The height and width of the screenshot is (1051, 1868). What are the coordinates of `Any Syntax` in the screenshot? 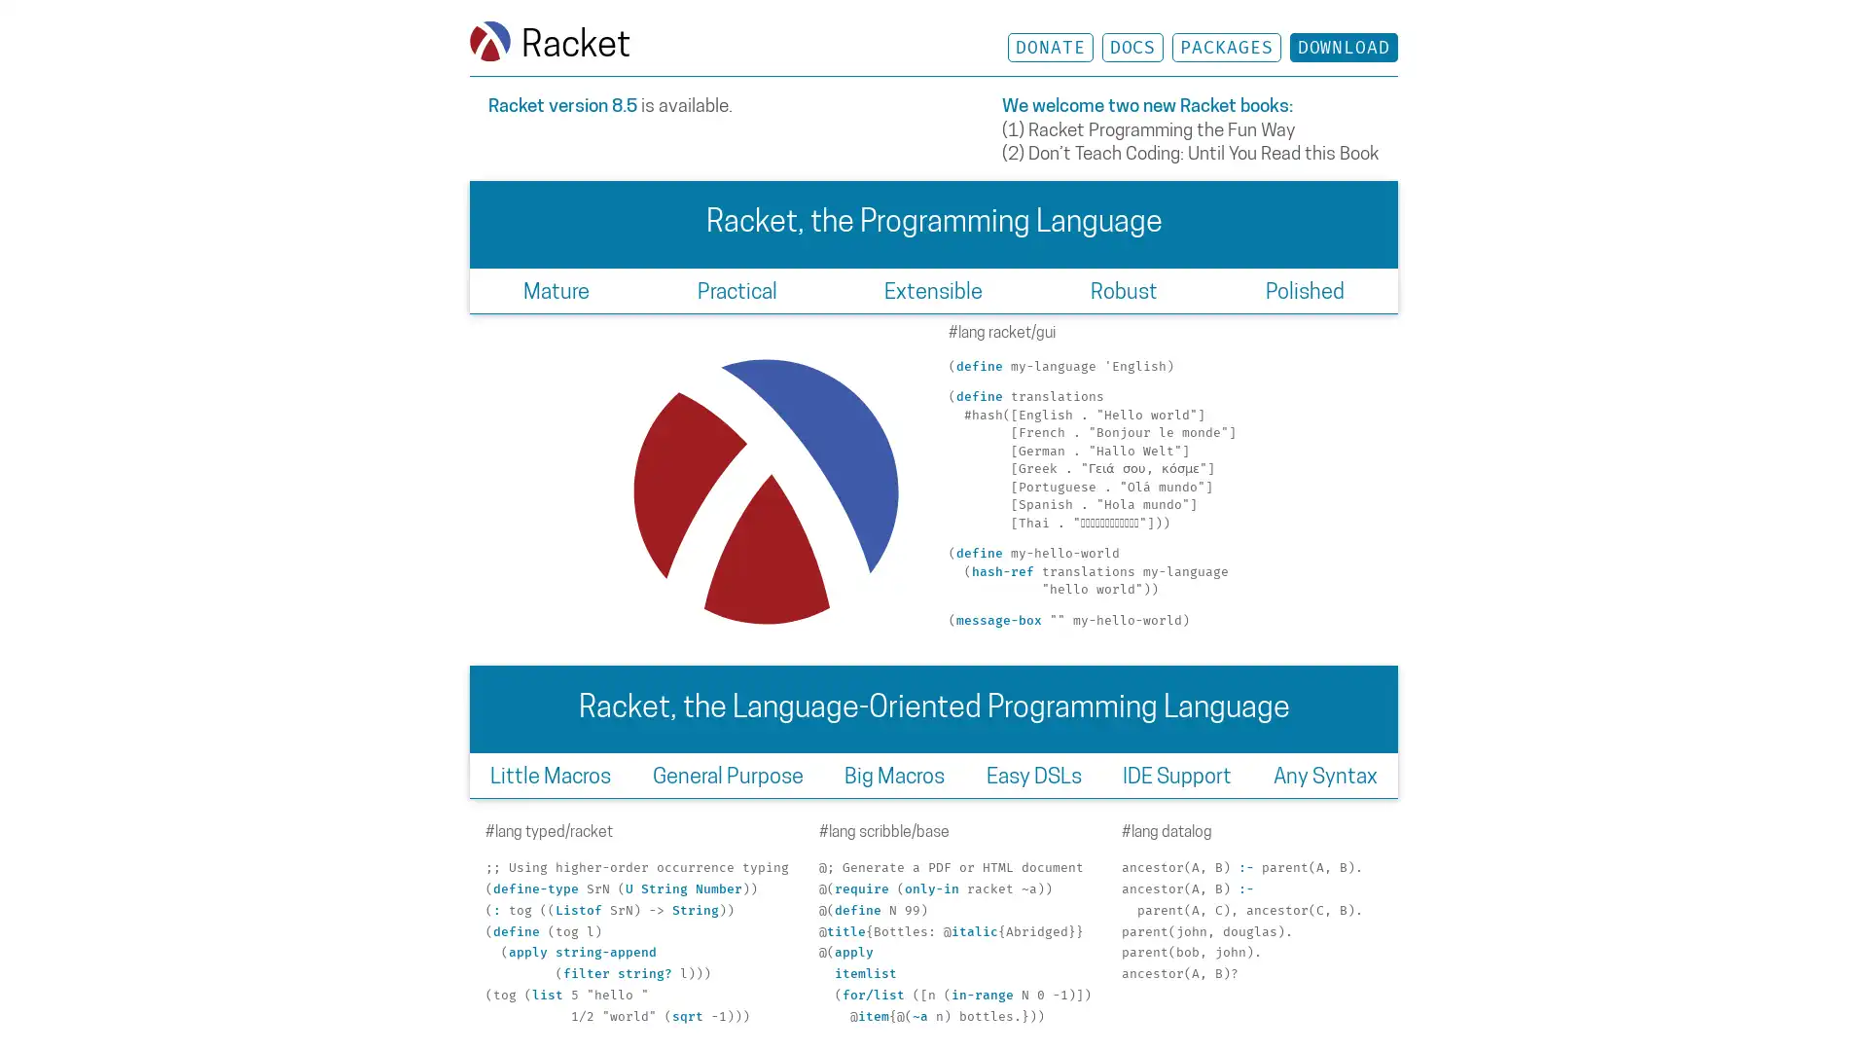 It's located at (1324, 774).